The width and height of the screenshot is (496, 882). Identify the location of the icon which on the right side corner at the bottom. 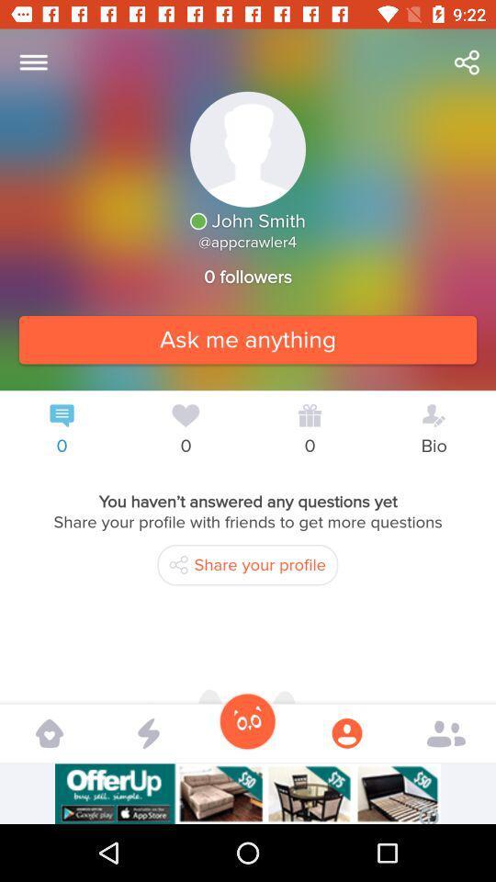
(445, 732).